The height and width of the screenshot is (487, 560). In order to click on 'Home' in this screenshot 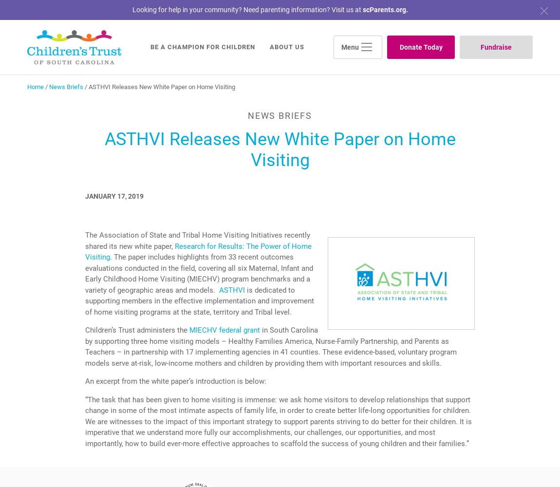, I will do `click(35, 87)`.